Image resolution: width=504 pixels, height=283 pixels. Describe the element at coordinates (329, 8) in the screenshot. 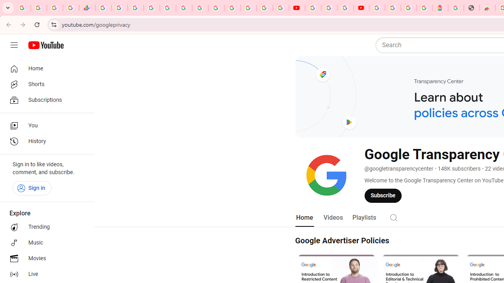

I see `'Google Account Help'` at that location.